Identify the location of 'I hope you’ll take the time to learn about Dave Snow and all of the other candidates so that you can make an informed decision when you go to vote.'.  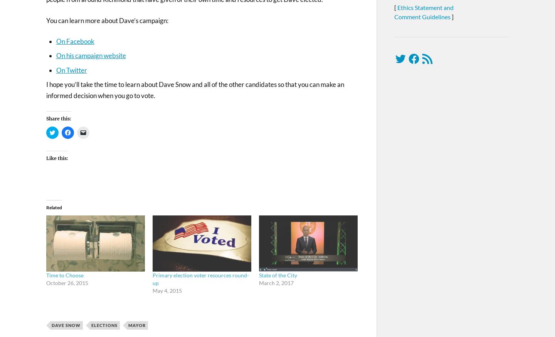
(195, 89).